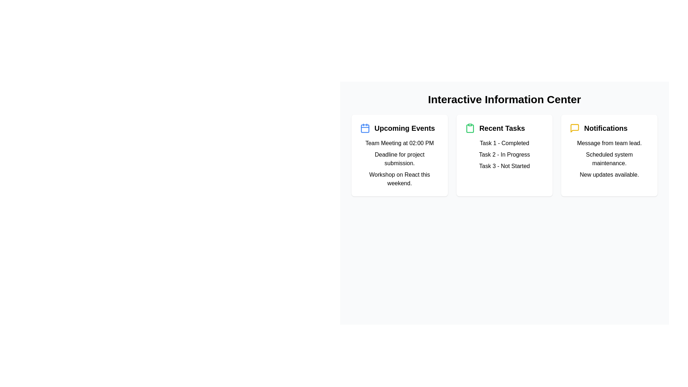 The width and height of the screenshot is (688, 387). I want to click on the SVG rounded rectangle element that visually represents a day or date within the calendar icon in the first card titled 'Upcoming Events', so click(365, 128).